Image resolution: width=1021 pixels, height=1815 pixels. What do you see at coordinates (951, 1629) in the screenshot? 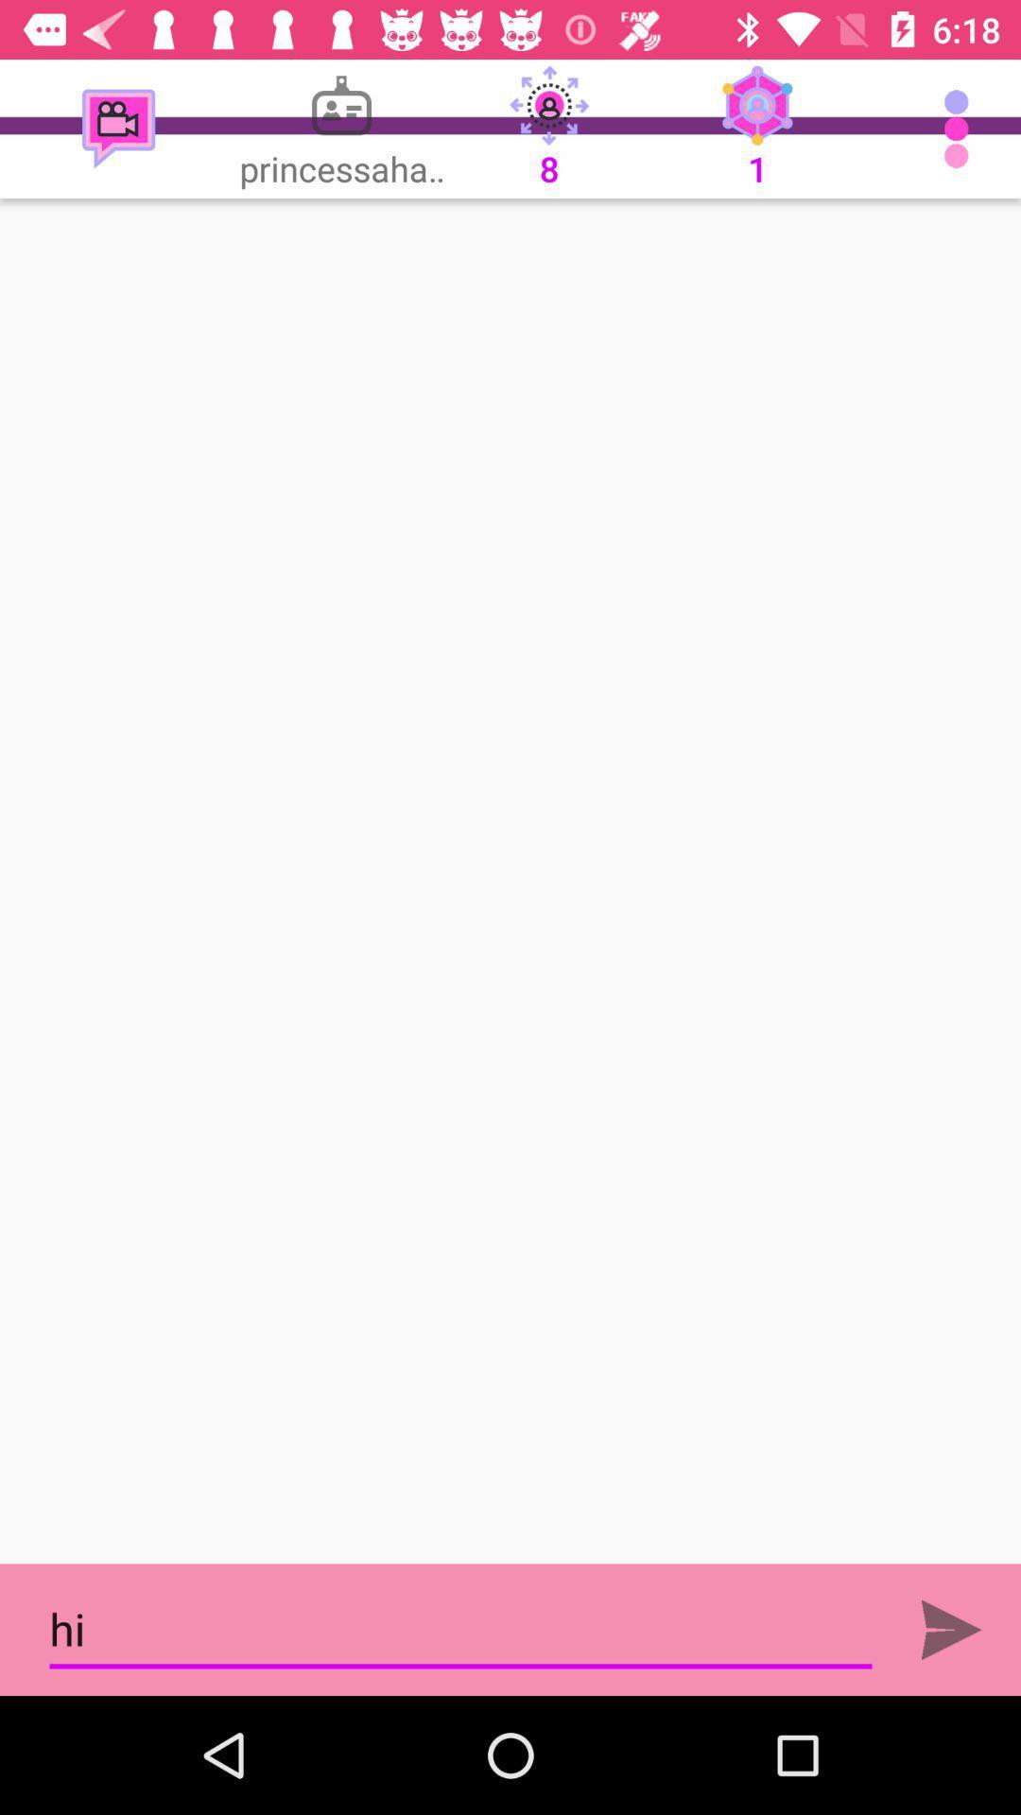
I see `send the message` at bounding box center [951, 1629].